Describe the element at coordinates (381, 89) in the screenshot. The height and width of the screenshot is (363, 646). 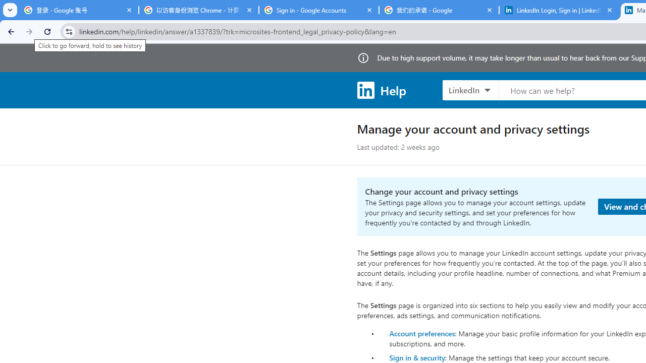
I see `'Help'` at that location.